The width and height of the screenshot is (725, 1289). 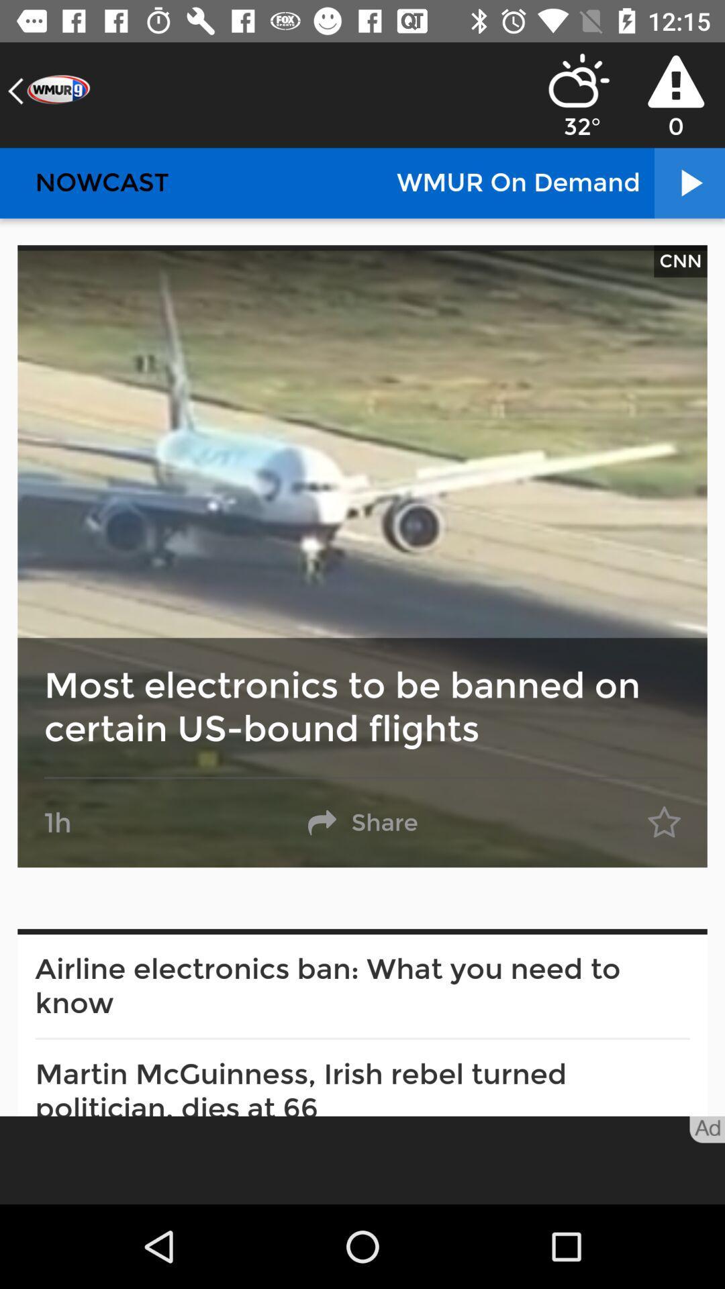 I want to click on the icon which is above 32 degree on a page, so click(x=579, y=80).